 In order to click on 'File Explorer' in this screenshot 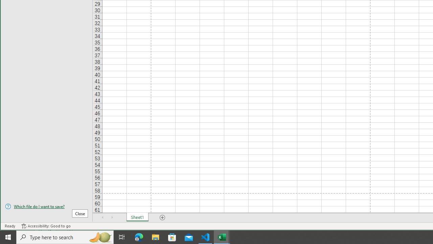, I will do `click(155, 237)`.